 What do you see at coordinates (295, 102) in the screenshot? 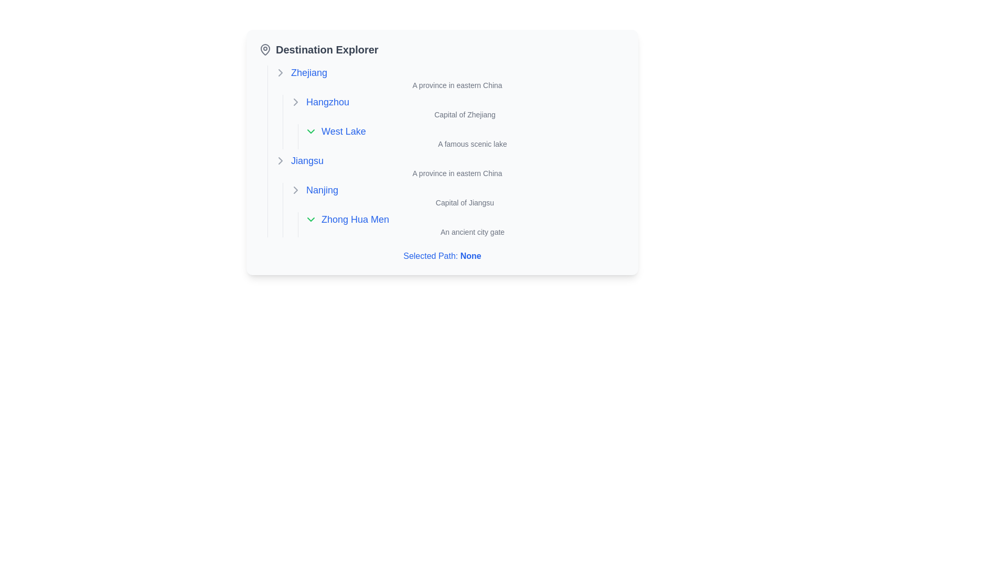
I see `the Chevron icon located to the left of the 'Hangzhou' text label` at bounding box center [295, 102].